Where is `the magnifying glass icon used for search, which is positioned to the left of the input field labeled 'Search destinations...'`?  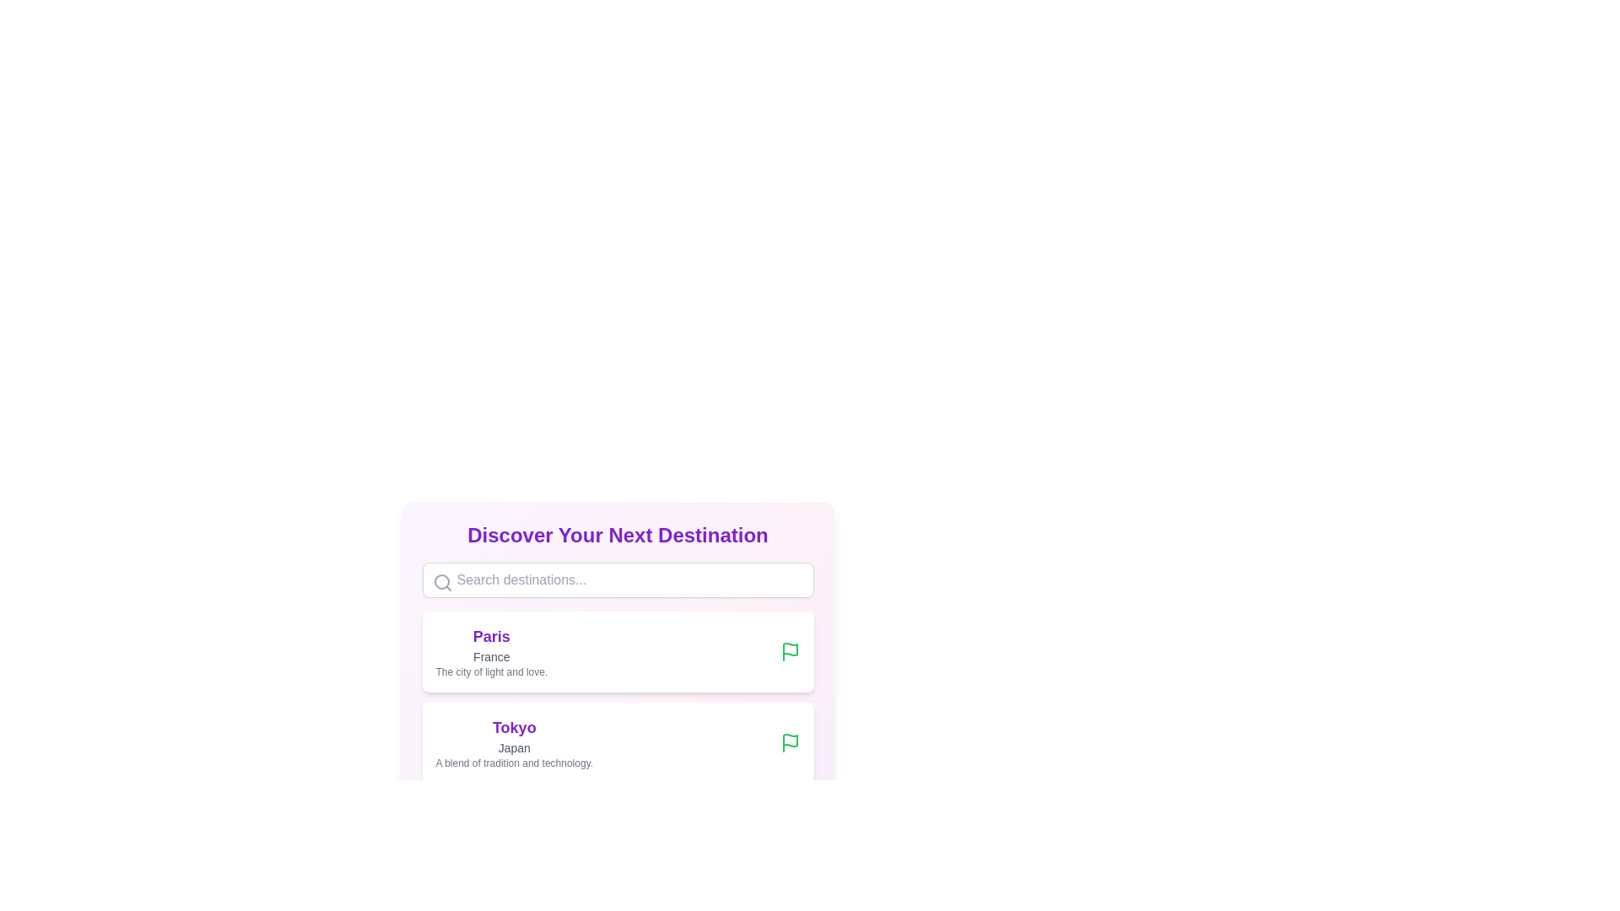
the magnifying glass icon used for search, which is positioned to the left of the input field labeled 'Search destinations...' is located at coordinates (442, 581).